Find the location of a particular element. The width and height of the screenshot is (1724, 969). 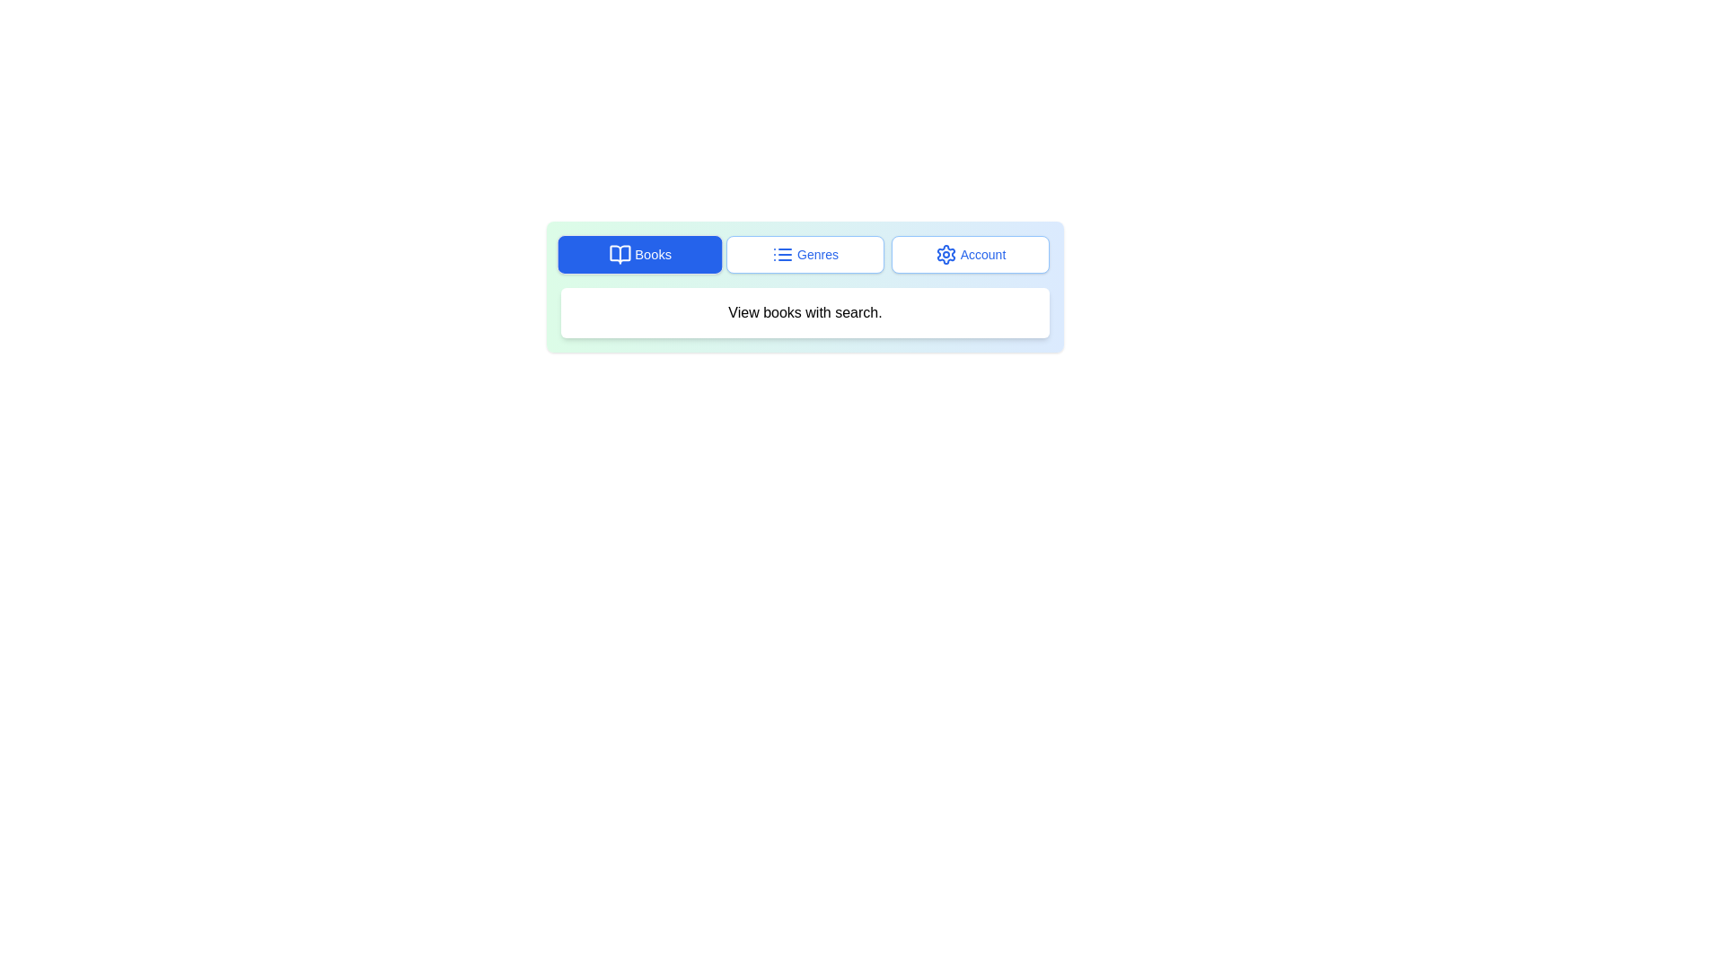

the 'Books' text label embedded in the button, which is white text on a blue background, located in the top-left section of the horizontal menu bar is located at coordinates (652, 255).